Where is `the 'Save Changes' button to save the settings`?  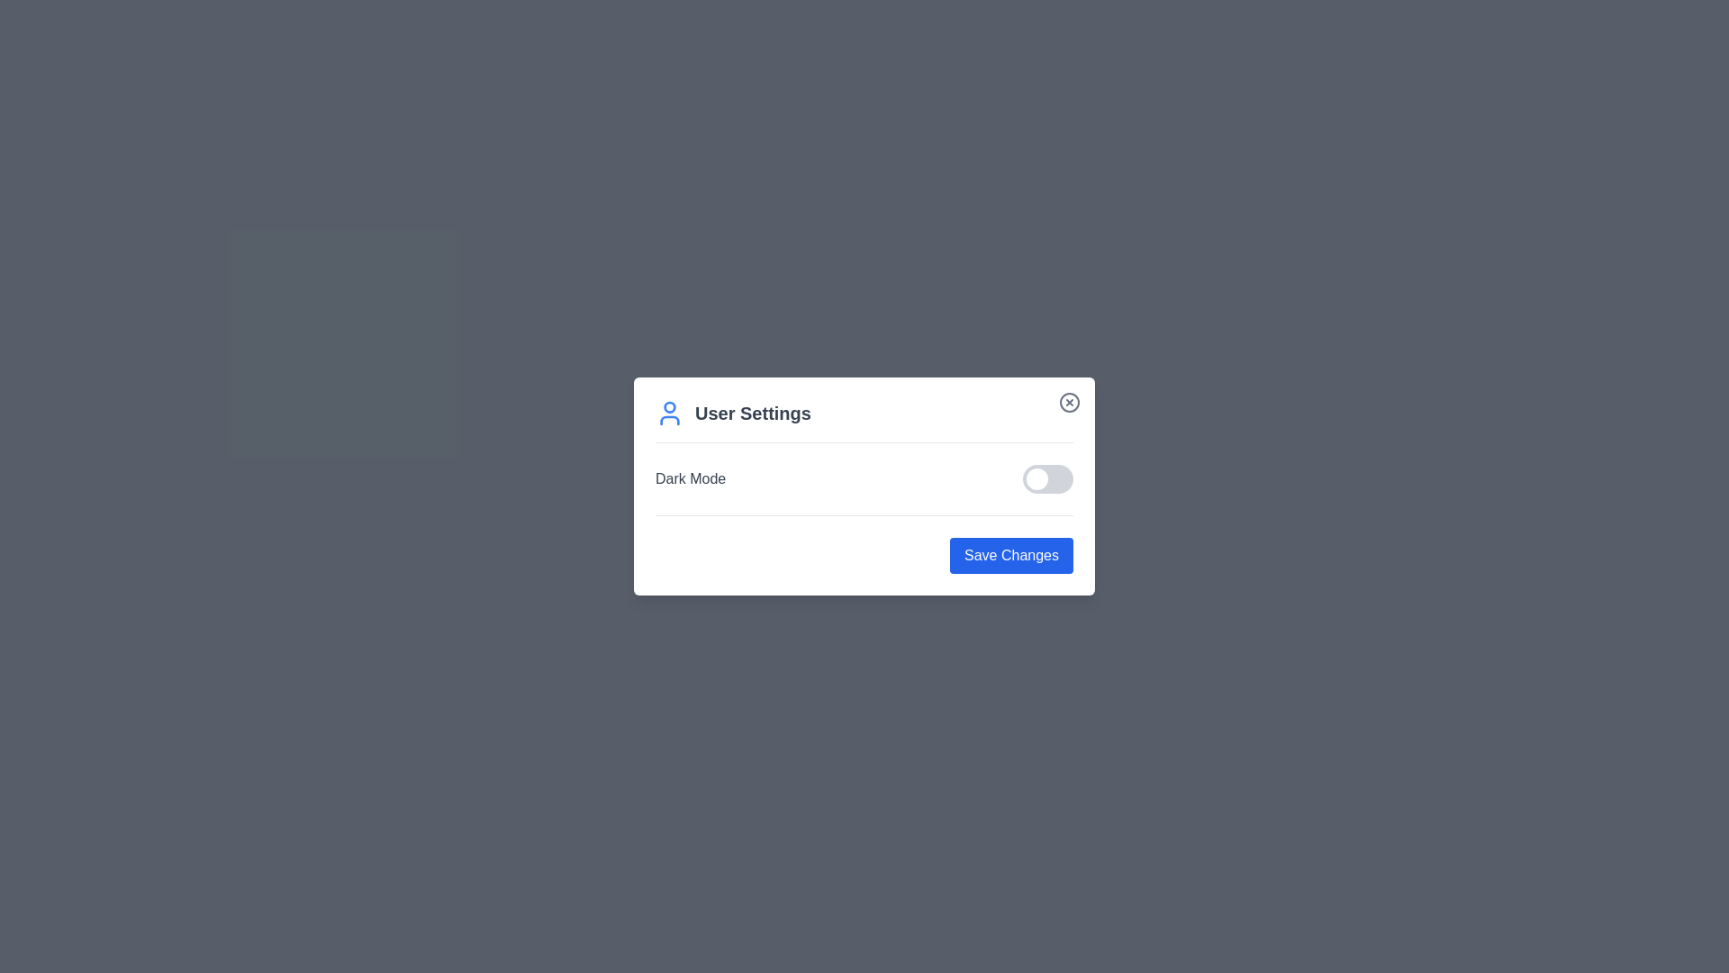
the 'Save Changes' button to save the settings is located at coordinates (1011, 555).